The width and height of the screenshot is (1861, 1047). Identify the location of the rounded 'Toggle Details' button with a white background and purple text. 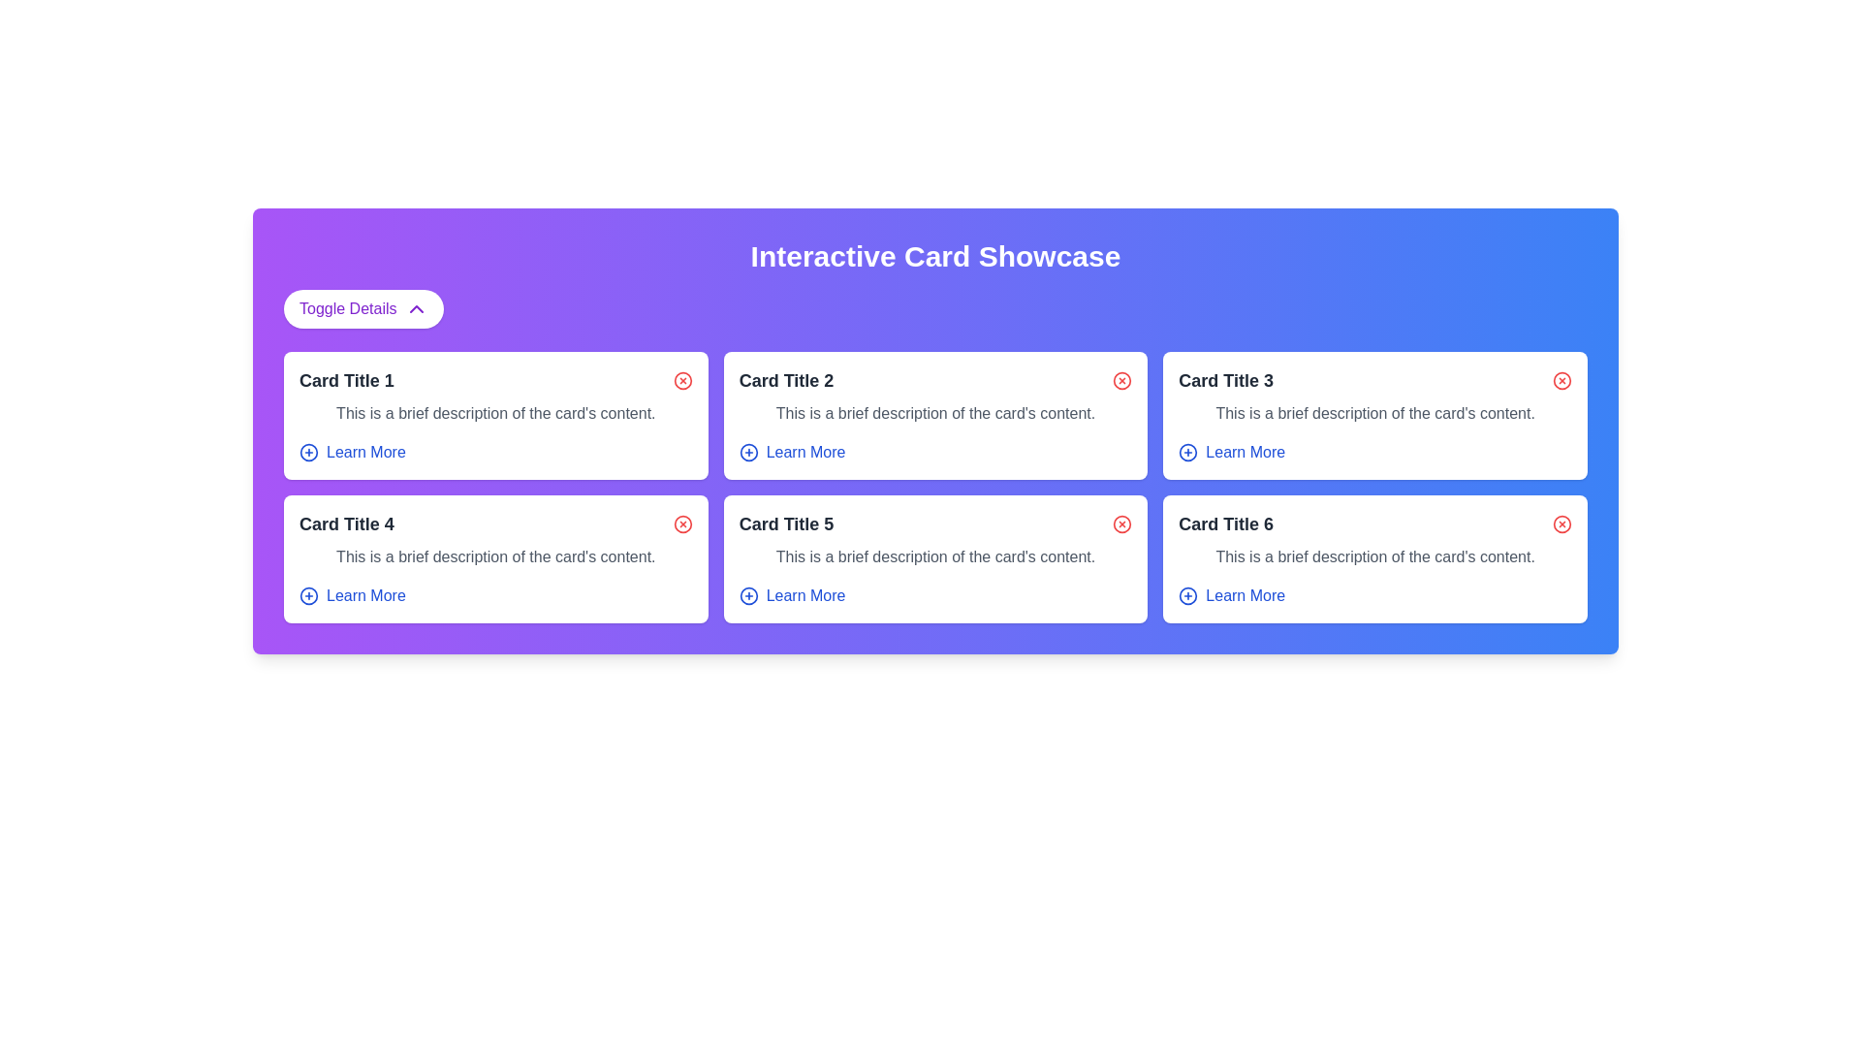
(363, 308).